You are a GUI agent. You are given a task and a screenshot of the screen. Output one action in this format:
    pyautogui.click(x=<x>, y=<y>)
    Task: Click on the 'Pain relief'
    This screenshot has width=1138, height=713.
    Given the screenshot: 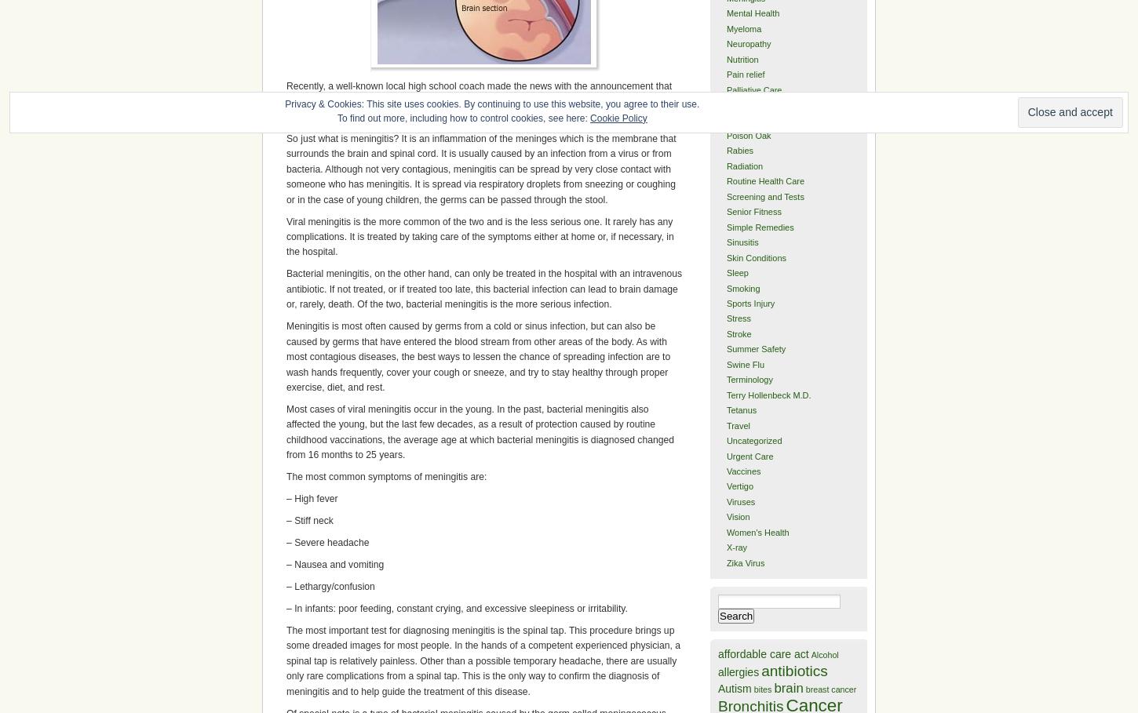 What is the action you would take?
    pyautogui.click(x=724, y=73)
    